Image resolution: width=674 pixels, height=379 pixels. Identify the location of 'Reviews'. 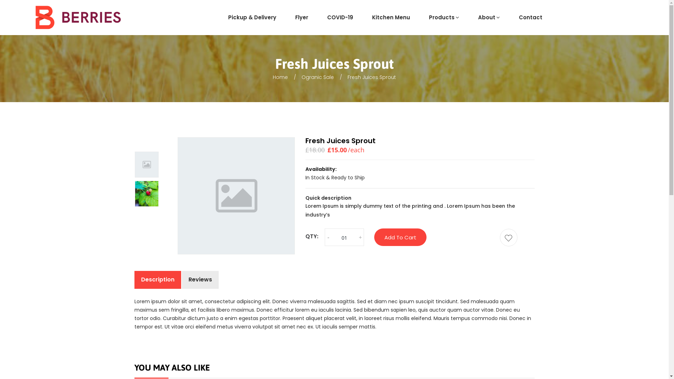
(200, 279).